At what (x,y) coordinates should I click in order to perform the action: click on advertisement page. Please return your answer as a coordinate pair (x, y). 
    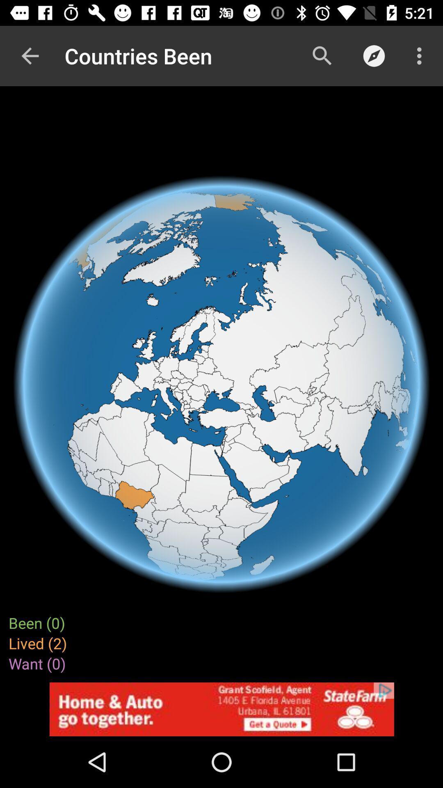
    Looking at the image, I should click on (221, 709).